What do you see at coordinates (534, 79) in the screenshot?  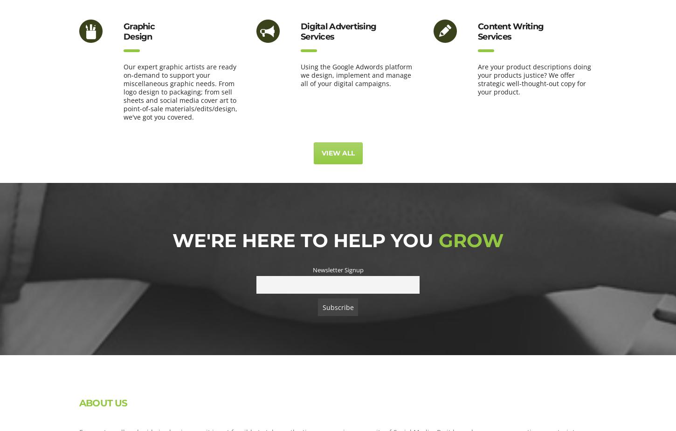 I see `'Are your product descriptions doing your products justice? We offer strategic well-thought-out copy for your product.'` at bounding box center [534, 79].